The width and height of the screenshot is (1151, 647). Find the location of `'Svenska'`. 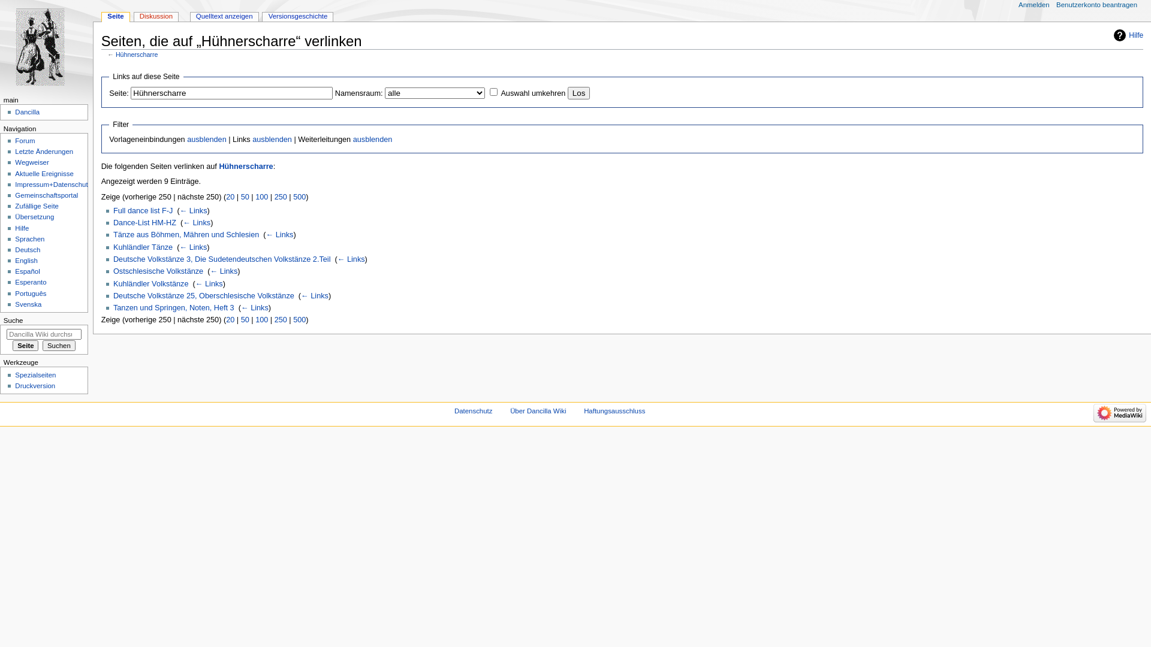

'Svenska' is located at coordinates (28, 304).